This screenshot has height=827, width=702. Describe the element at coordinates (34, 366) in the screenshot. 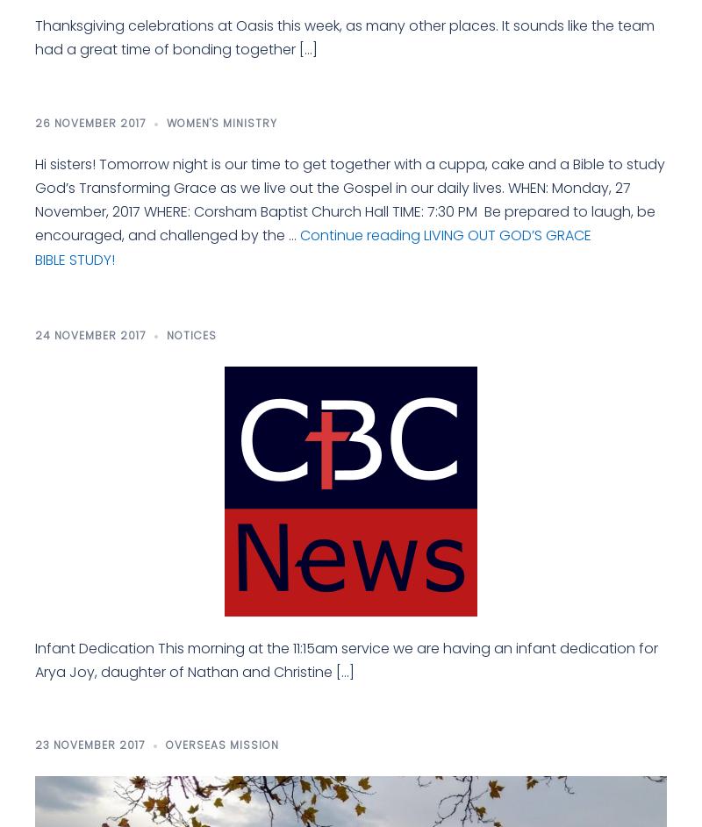

I see `'Corsham Baptist Church'` at that location.